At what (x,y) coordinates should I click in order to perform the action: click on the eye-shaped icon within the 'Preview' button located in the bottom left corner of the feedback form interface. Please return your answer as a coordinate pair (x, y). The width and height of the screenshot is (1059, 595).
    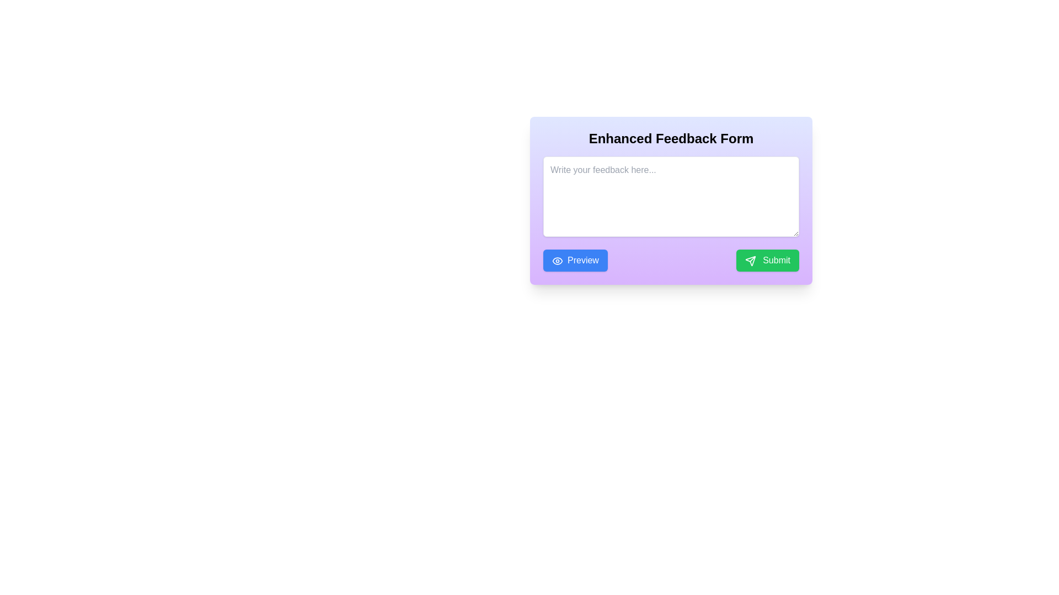
    Looking at the image, I should click on (558, 261).